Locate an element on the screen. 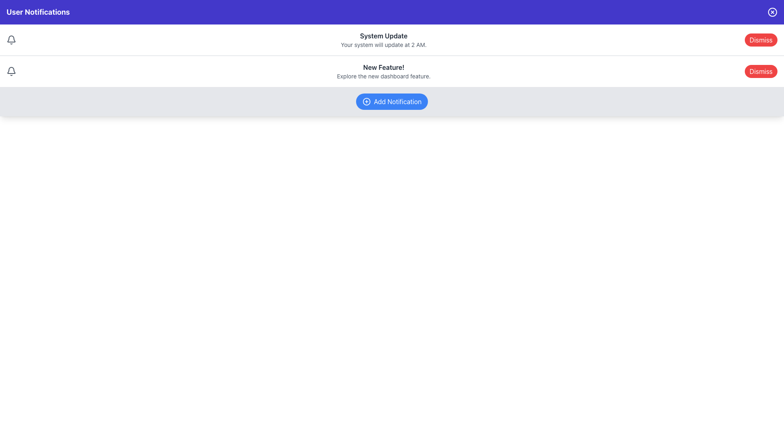 The image size is (784, 441). the text block displaying 'New Feature!' and 'Explore the new dashboard feature.' which is located in the second notification box on the page, positioned below 'System Update' and above the 'Add Notification' button is located at coordinates (383, 71).